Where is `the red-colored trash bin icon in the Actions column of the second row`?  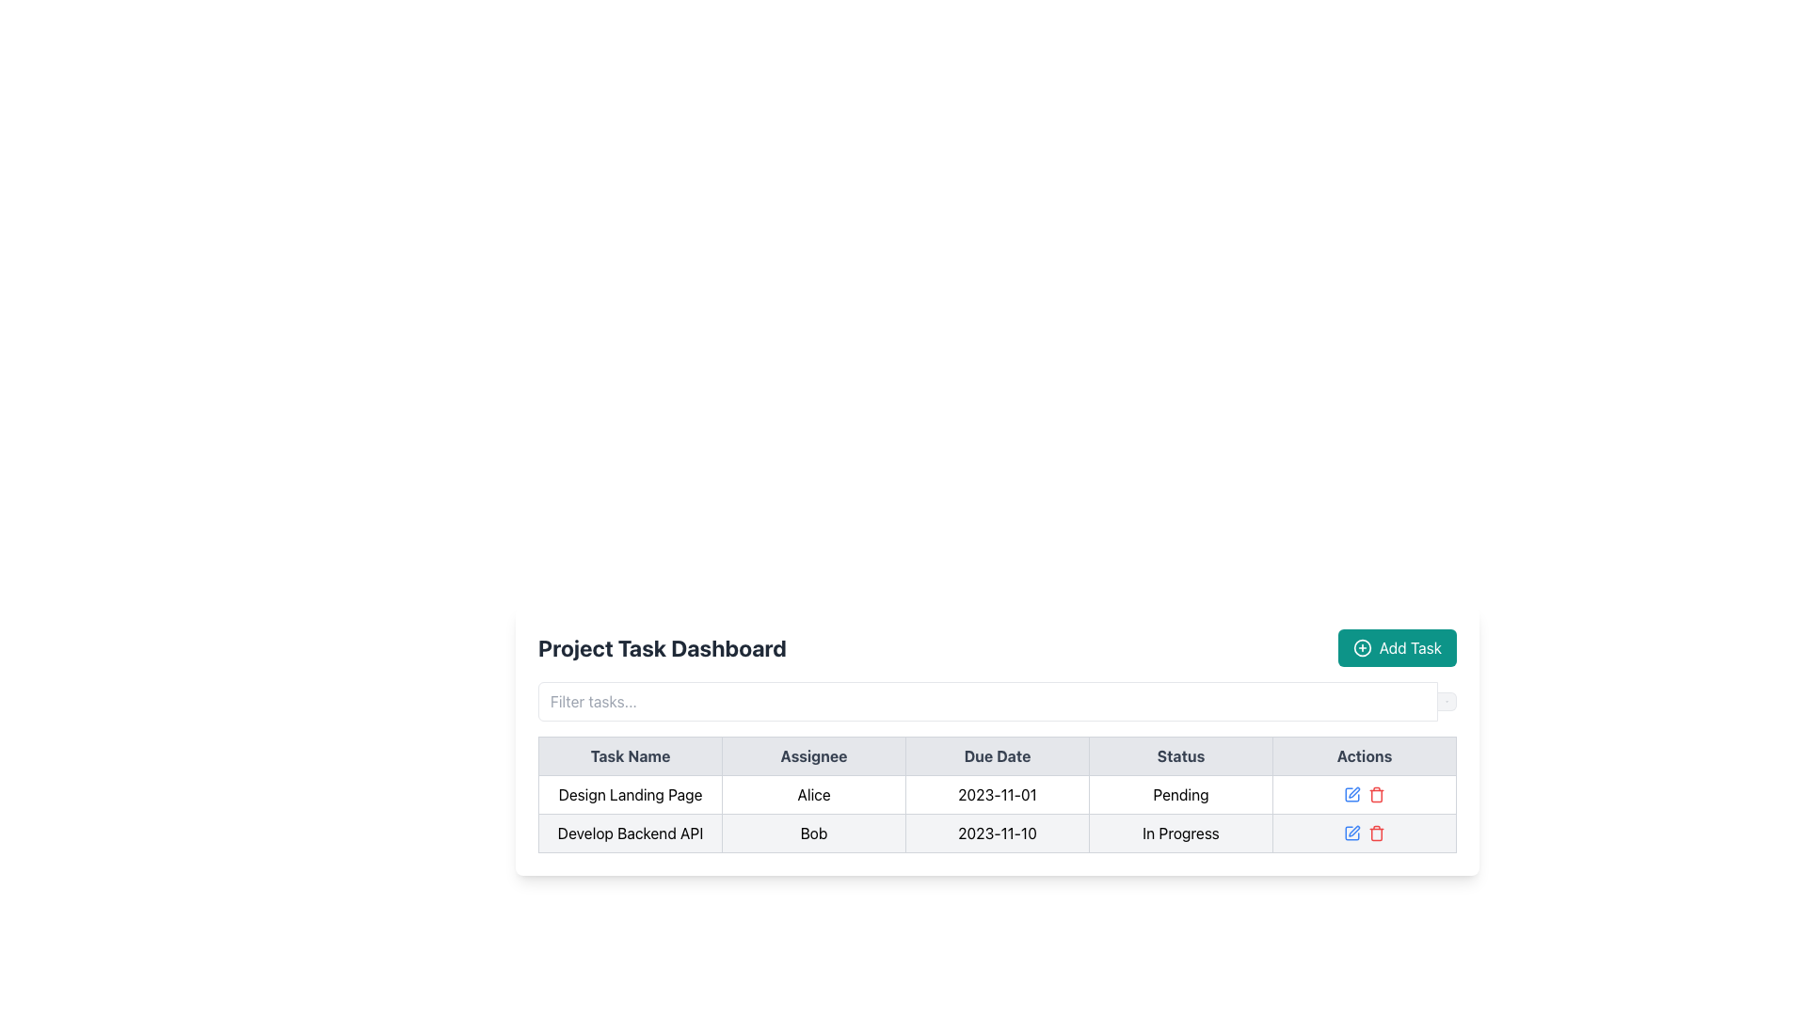
the red-colored trash bin icon in the Actions column of the second row is located at coordinates (1377, 794).